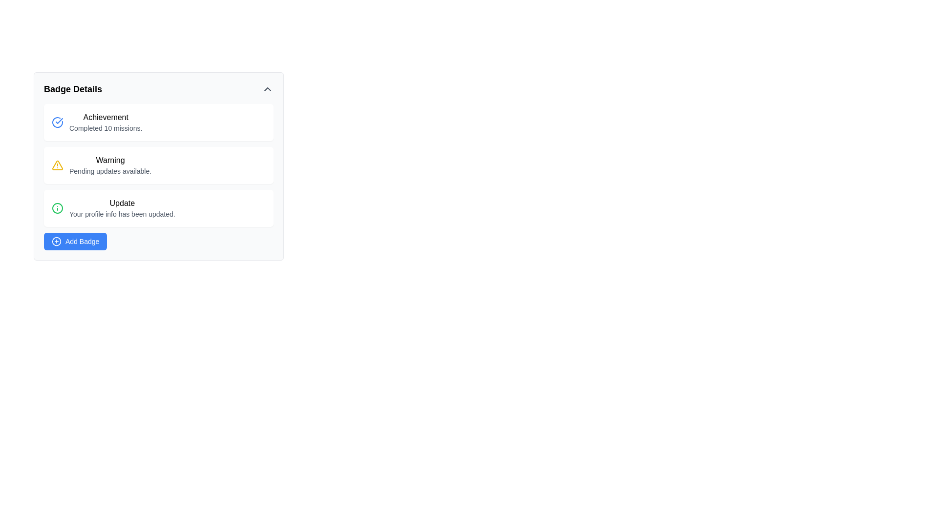  Describe the element at coordinates (59, 120) in the screenshot. I see `the graphical checkmark icon that represents a completed task or achievement, located next to the 'Achievement' badge text in the upper-left section of the 'Badge Details' card` at that location.